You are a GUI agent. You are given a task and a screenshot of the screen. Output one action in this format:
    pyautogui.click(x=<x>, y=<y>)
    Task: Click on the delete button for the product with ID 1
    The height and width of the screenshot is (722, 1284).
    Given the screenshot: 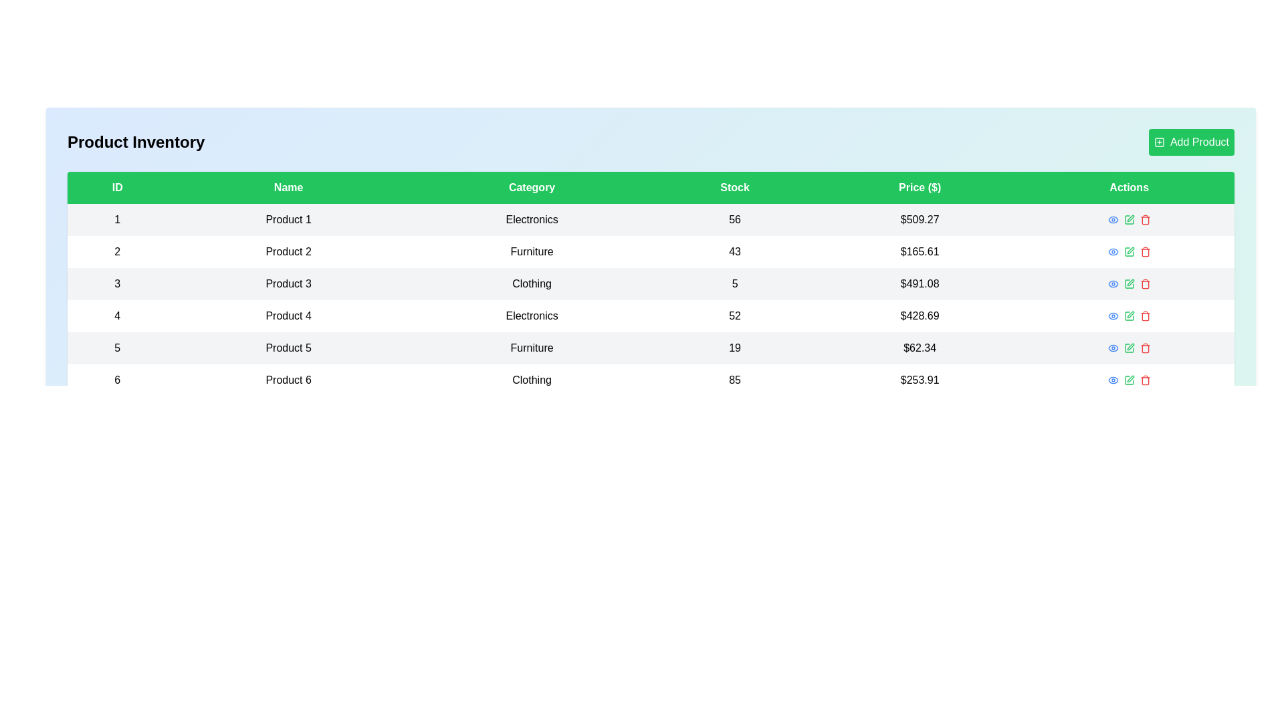 What is the action you would take?
    pyautogui.click(x=1144, y=219)
    